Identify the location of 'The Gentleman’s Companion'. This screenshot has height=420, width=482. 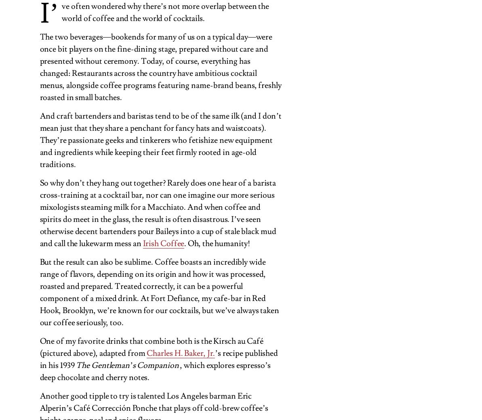
(126, 365).